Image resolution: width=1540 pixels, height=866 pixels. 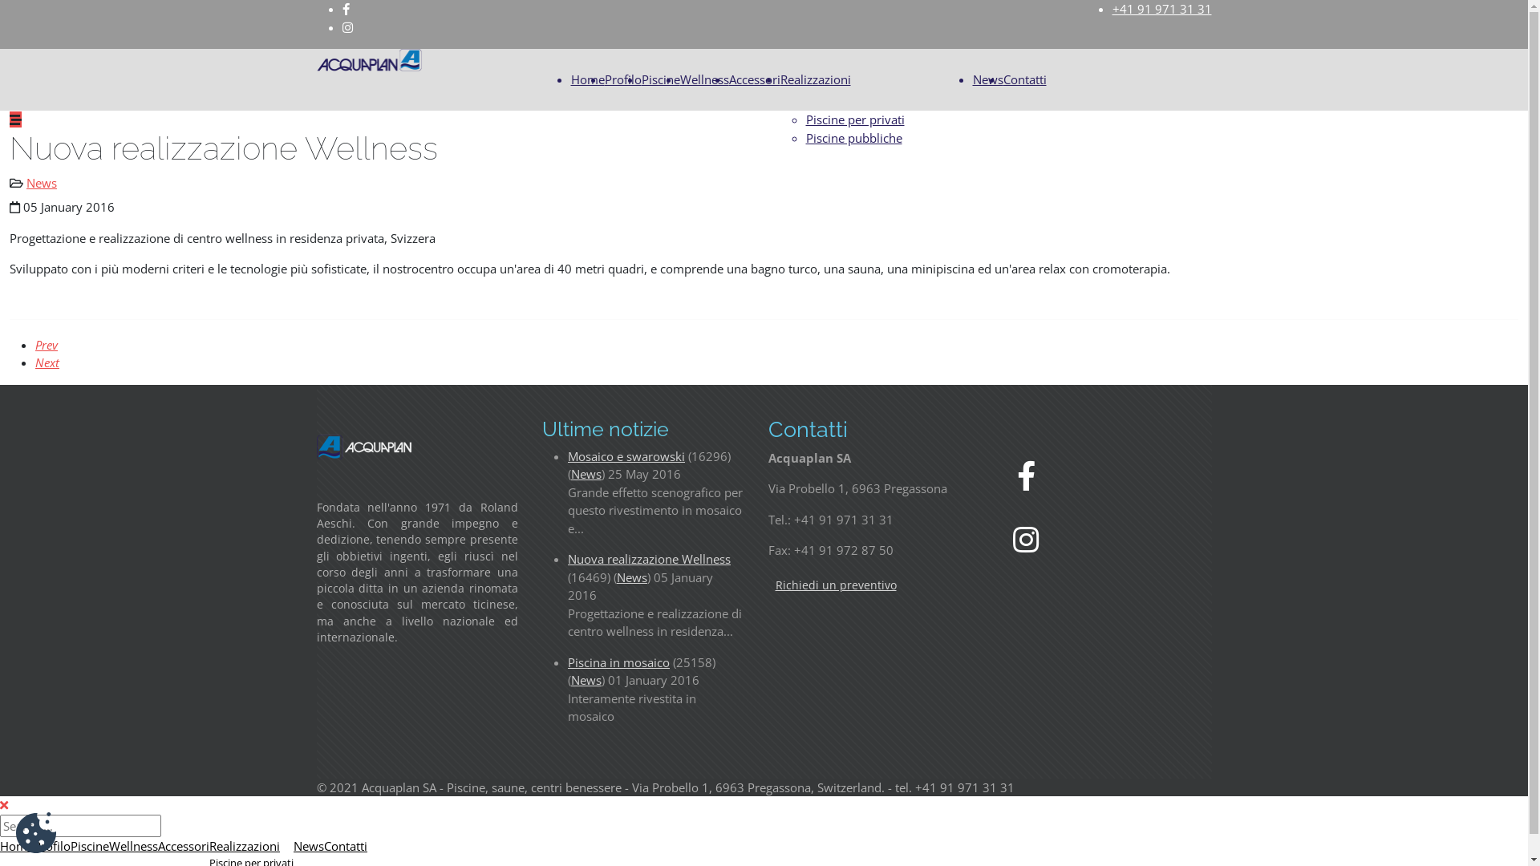 I want to click on 'Prev', so click(x=46, y=343).